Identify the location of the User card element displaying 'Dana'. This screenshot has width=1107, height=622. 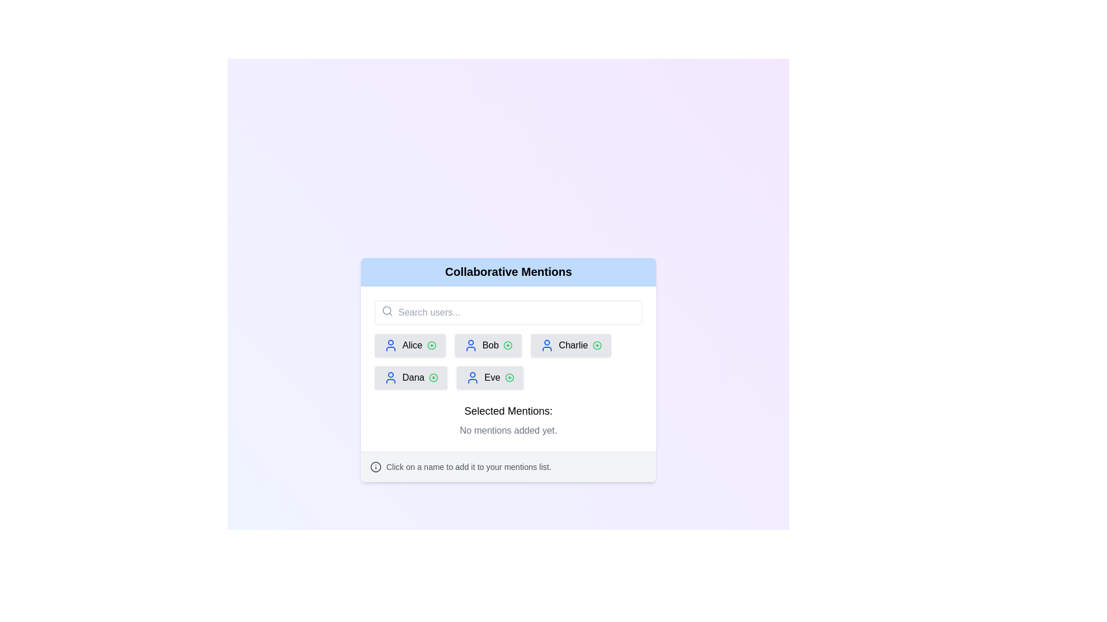
(411, 377).